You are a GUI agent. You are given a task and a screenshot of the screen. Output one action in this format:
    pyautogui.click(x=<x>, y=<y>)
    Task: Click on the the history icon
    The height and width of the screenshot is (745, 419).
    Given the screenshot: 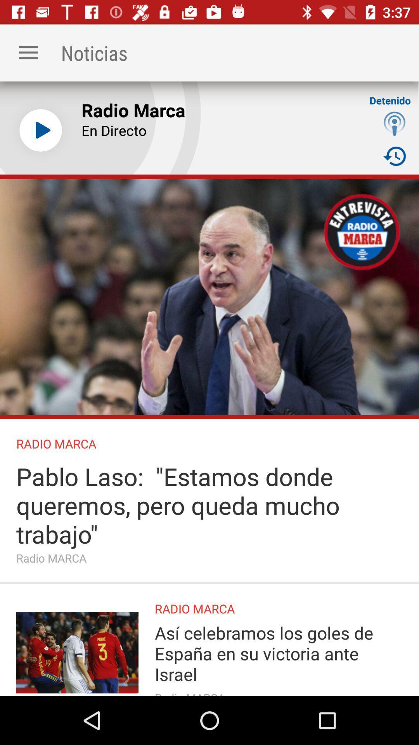 What is the action you would take?
    pyautogui.click(x=395, y=156)
    